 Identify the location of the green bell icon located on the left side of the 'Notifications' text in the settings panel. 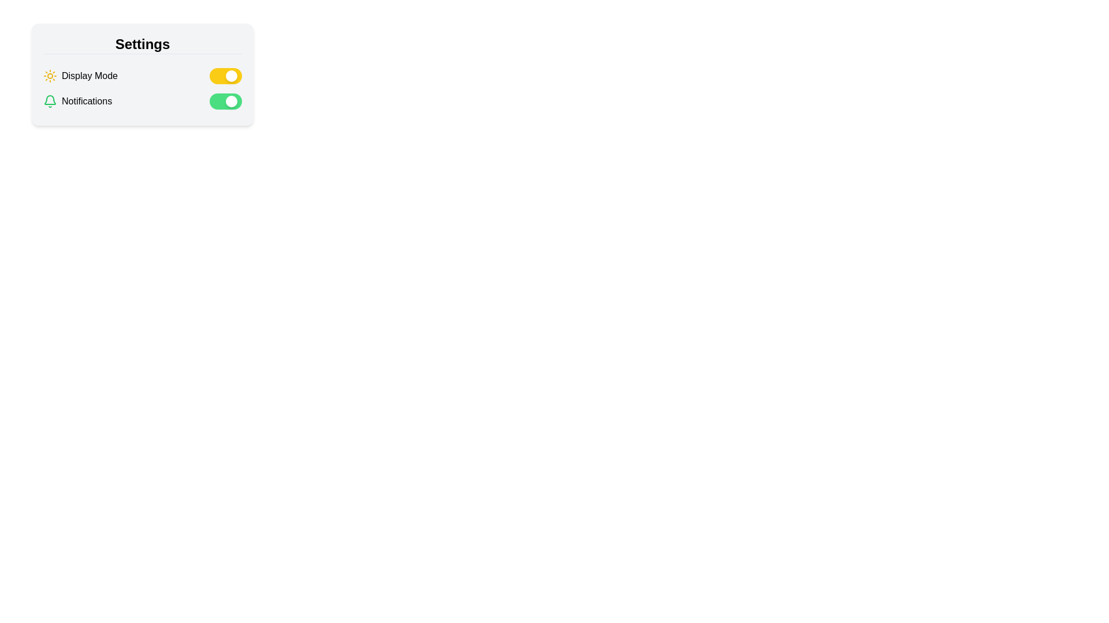
(49, 101).